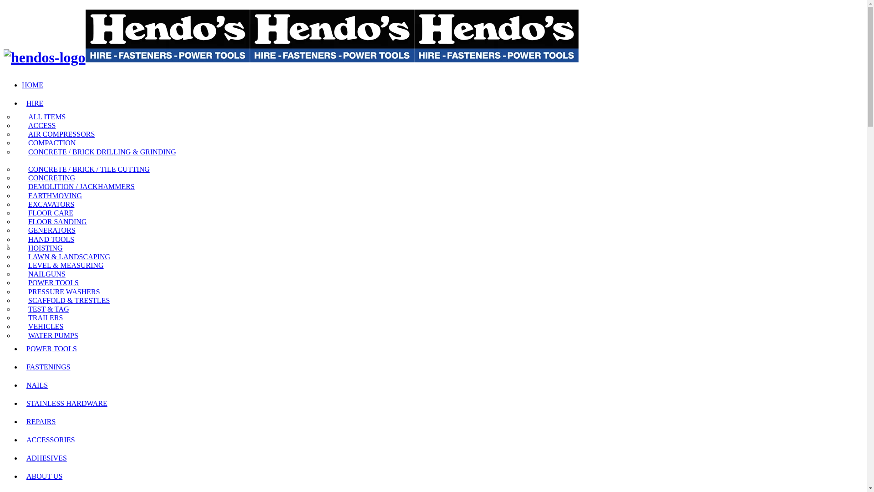  What do you see at coordinates (54, 221) in the screenshot?
I see `'FLOOR SANDING'` at bounding box center [54, 221].